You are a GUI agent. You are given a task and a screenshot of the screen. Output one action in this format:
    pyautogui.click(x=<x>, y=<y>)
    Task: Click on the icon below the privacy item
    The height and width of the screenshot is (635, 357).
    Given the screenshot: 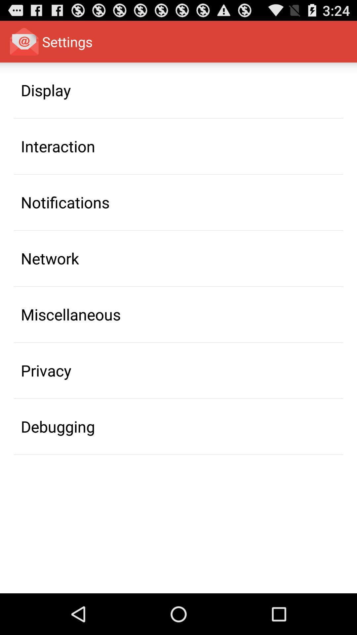 What is the action you would take?
    pyautogui.click(x=58, y=426)
    